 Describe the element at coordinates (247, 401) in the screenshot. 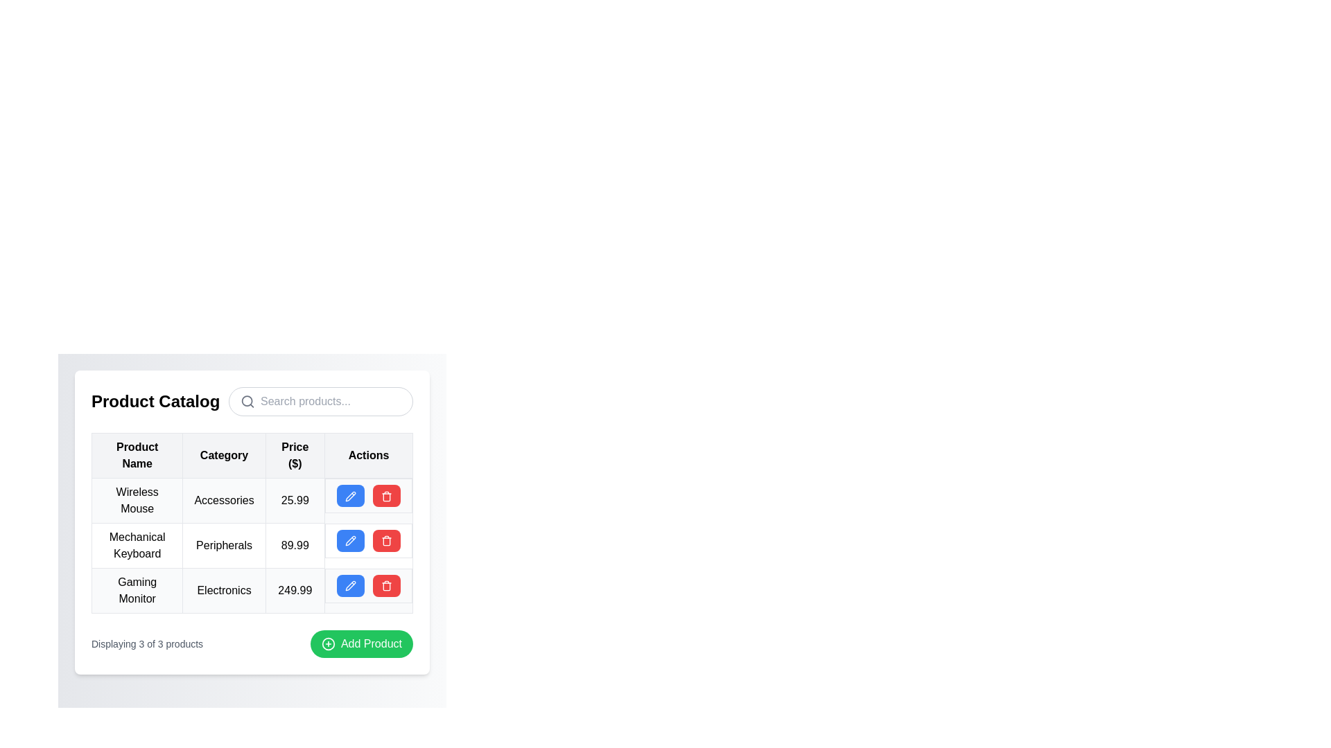

I see `the search icon located leftmost in the row, which visually indicates the search function and complements the adjacent search input box` at that location.